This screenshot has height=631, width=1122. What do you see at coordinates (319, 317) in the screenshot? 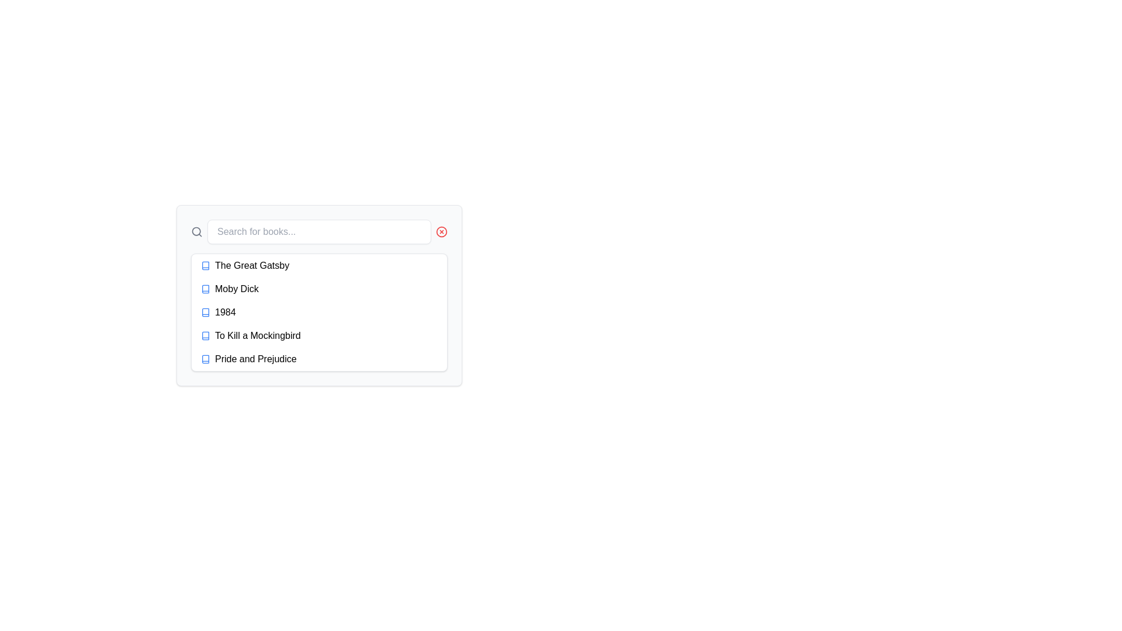
I see `the list item '1984' in the scrollable dropdown menu containing book titles, which is centrally located in the fixed panel` at bounding box center [319, 317].